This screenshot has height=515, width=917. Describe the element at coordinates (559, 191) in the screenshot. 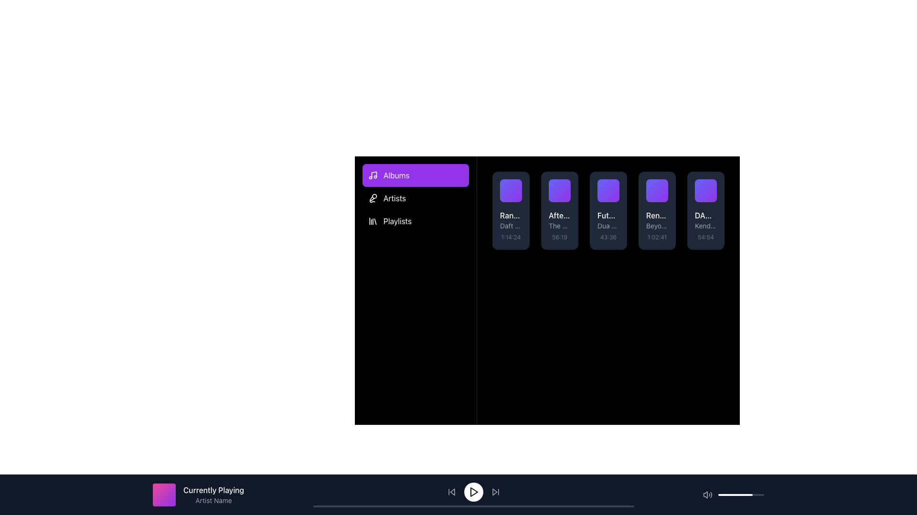

I see `the image button representing the media item 'After Hours' by 'The Weeknd'` at that location.